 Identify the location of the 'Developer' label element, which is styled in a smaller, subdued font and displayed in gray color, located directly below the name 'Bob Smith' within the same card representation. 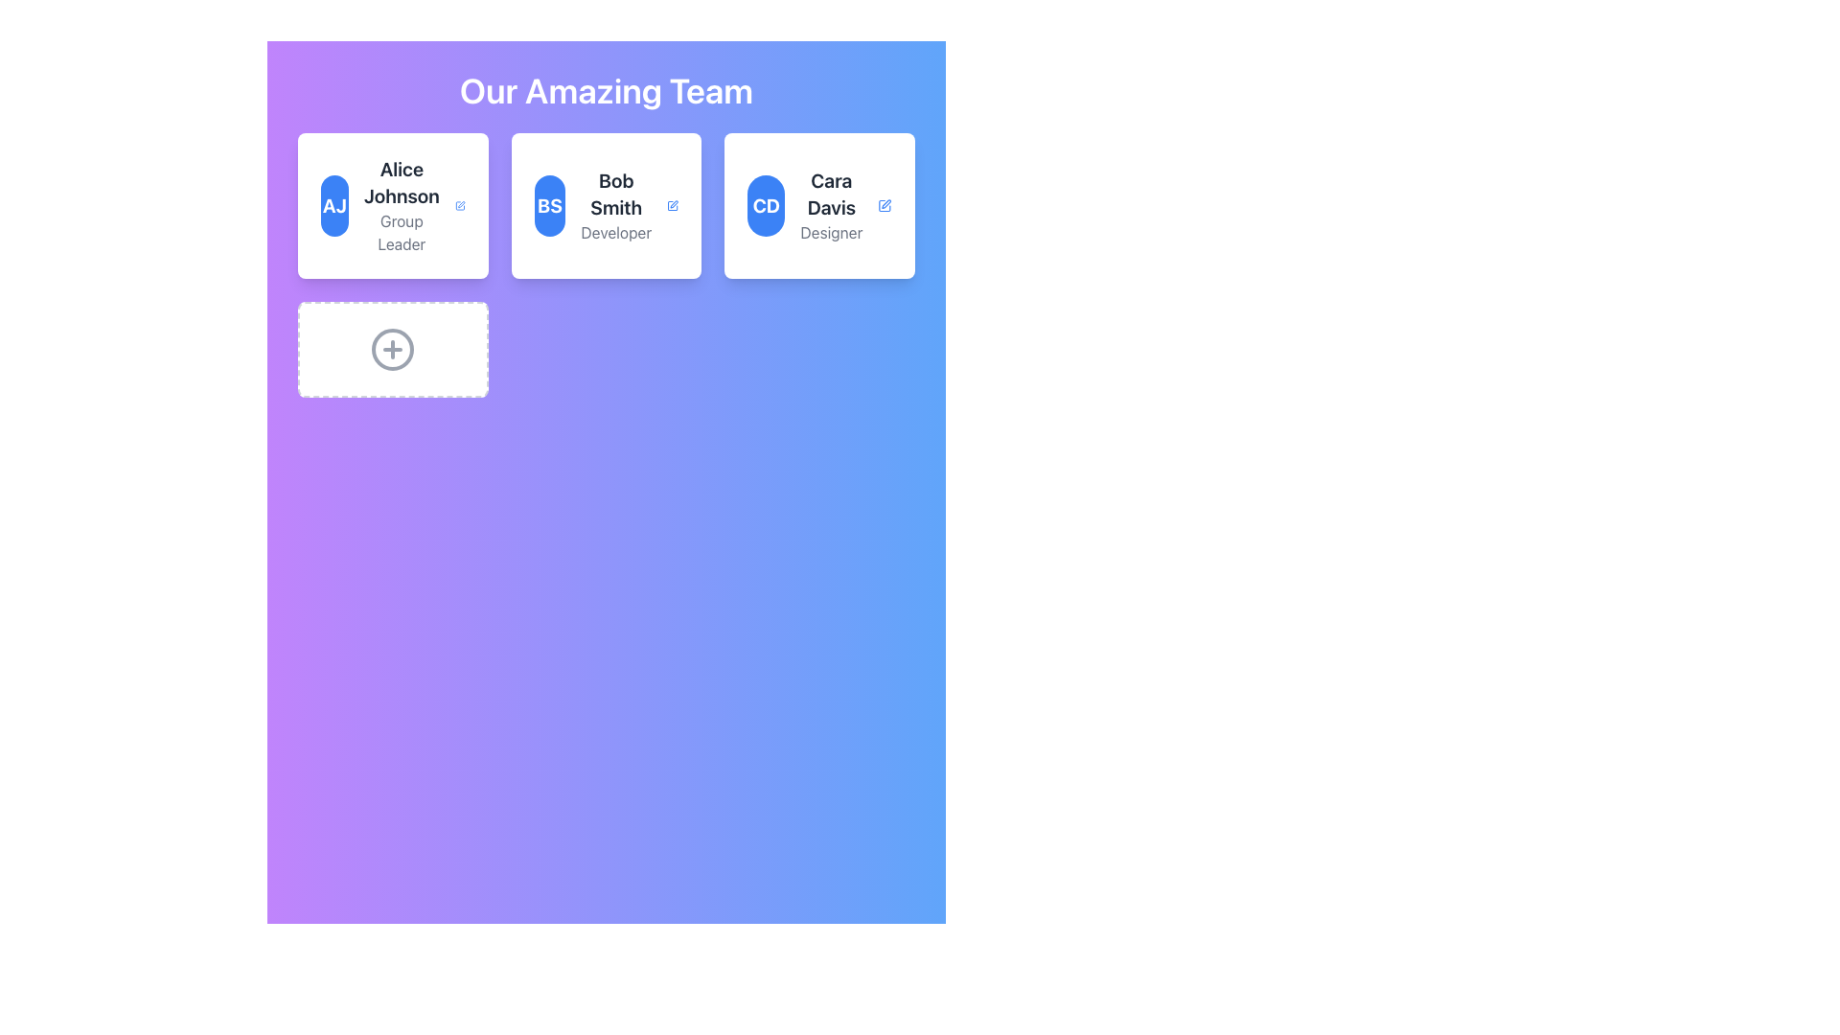
(616, 232).